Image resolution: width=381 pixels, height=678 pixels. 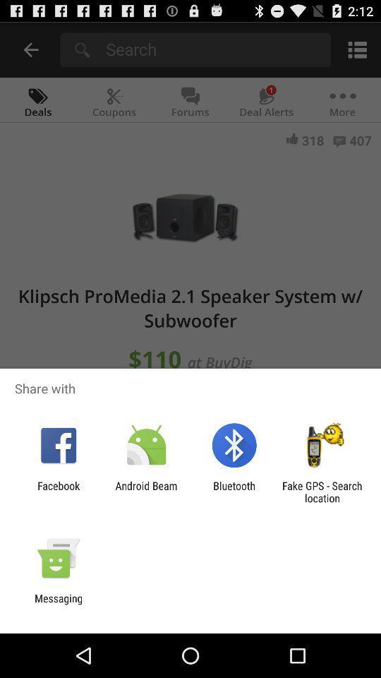 What do you see at coordinates (234, 492) in the screenshot?
I see `app next to fake gps search icon` at bounding box center [234, 492].